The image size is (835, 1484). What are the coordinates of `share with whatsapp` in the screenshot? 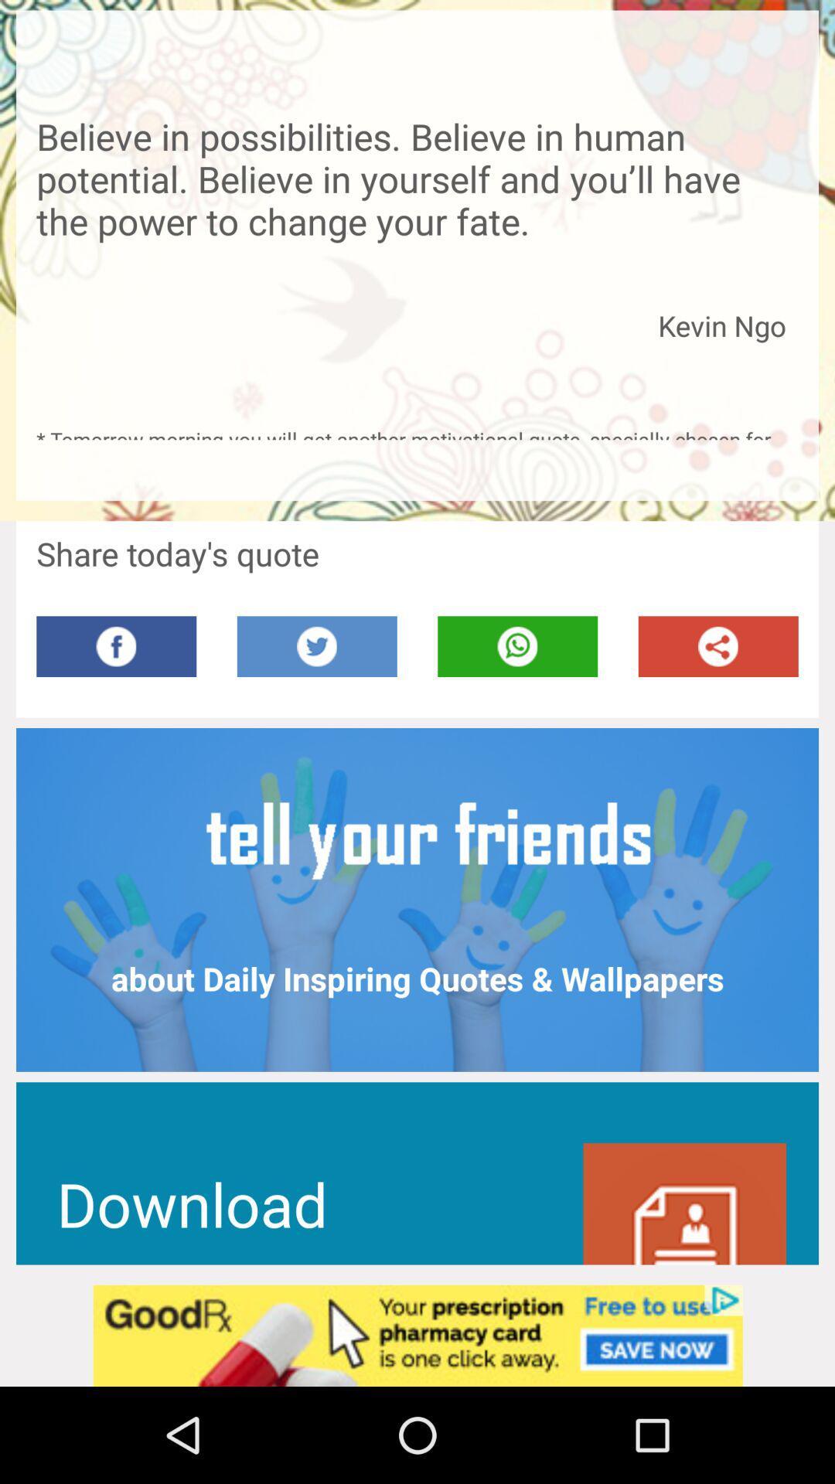 It's located at (517, 646).